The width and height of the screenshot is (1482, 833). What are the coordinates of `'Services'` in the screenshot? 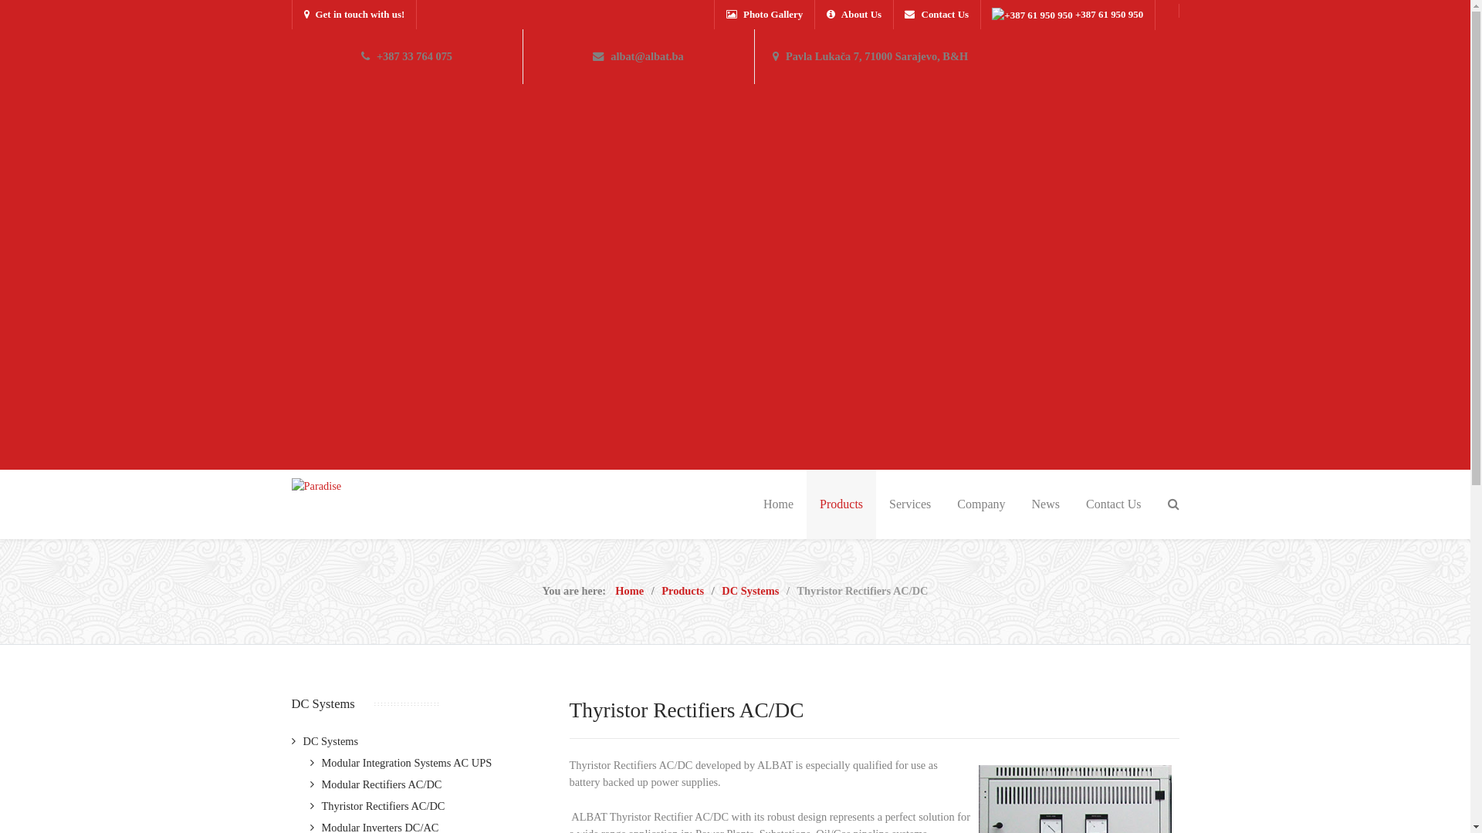 It's located at (910, 504).